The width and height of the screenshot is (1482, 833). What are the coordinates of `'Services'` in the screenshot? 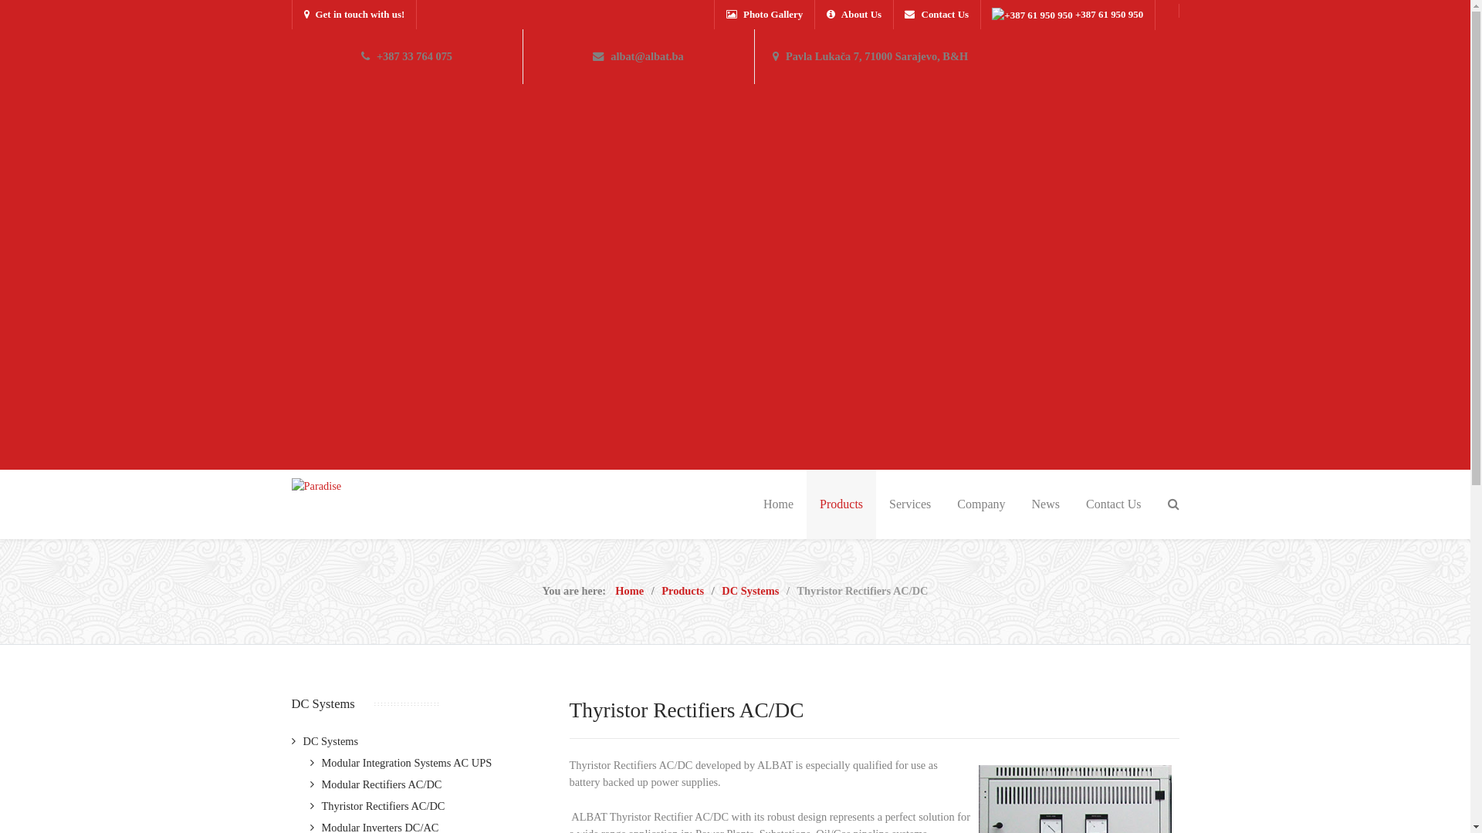 It's located at (910, 504).